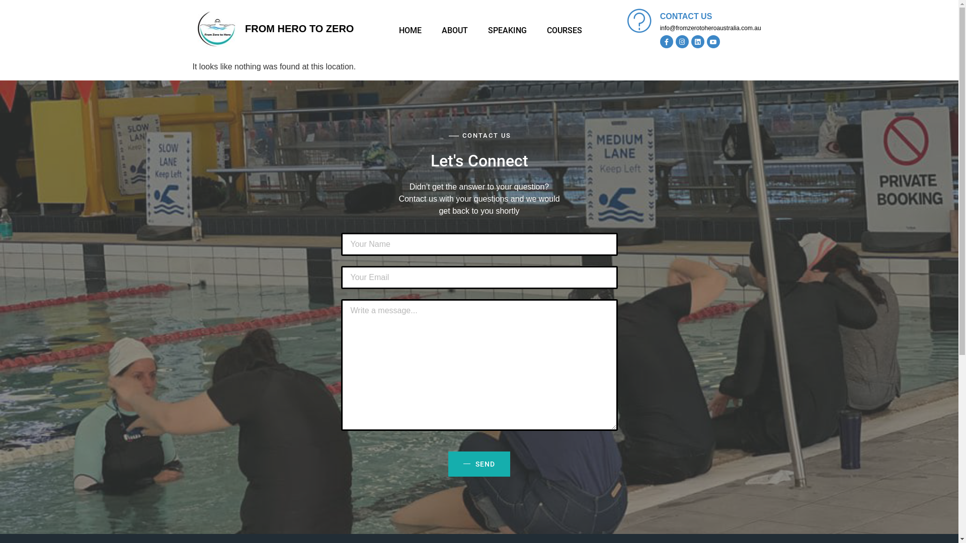  Describe the element at coordinates (245, 28) in the screenshot. I see `'FROM HERO TO ZERO'` at that location.